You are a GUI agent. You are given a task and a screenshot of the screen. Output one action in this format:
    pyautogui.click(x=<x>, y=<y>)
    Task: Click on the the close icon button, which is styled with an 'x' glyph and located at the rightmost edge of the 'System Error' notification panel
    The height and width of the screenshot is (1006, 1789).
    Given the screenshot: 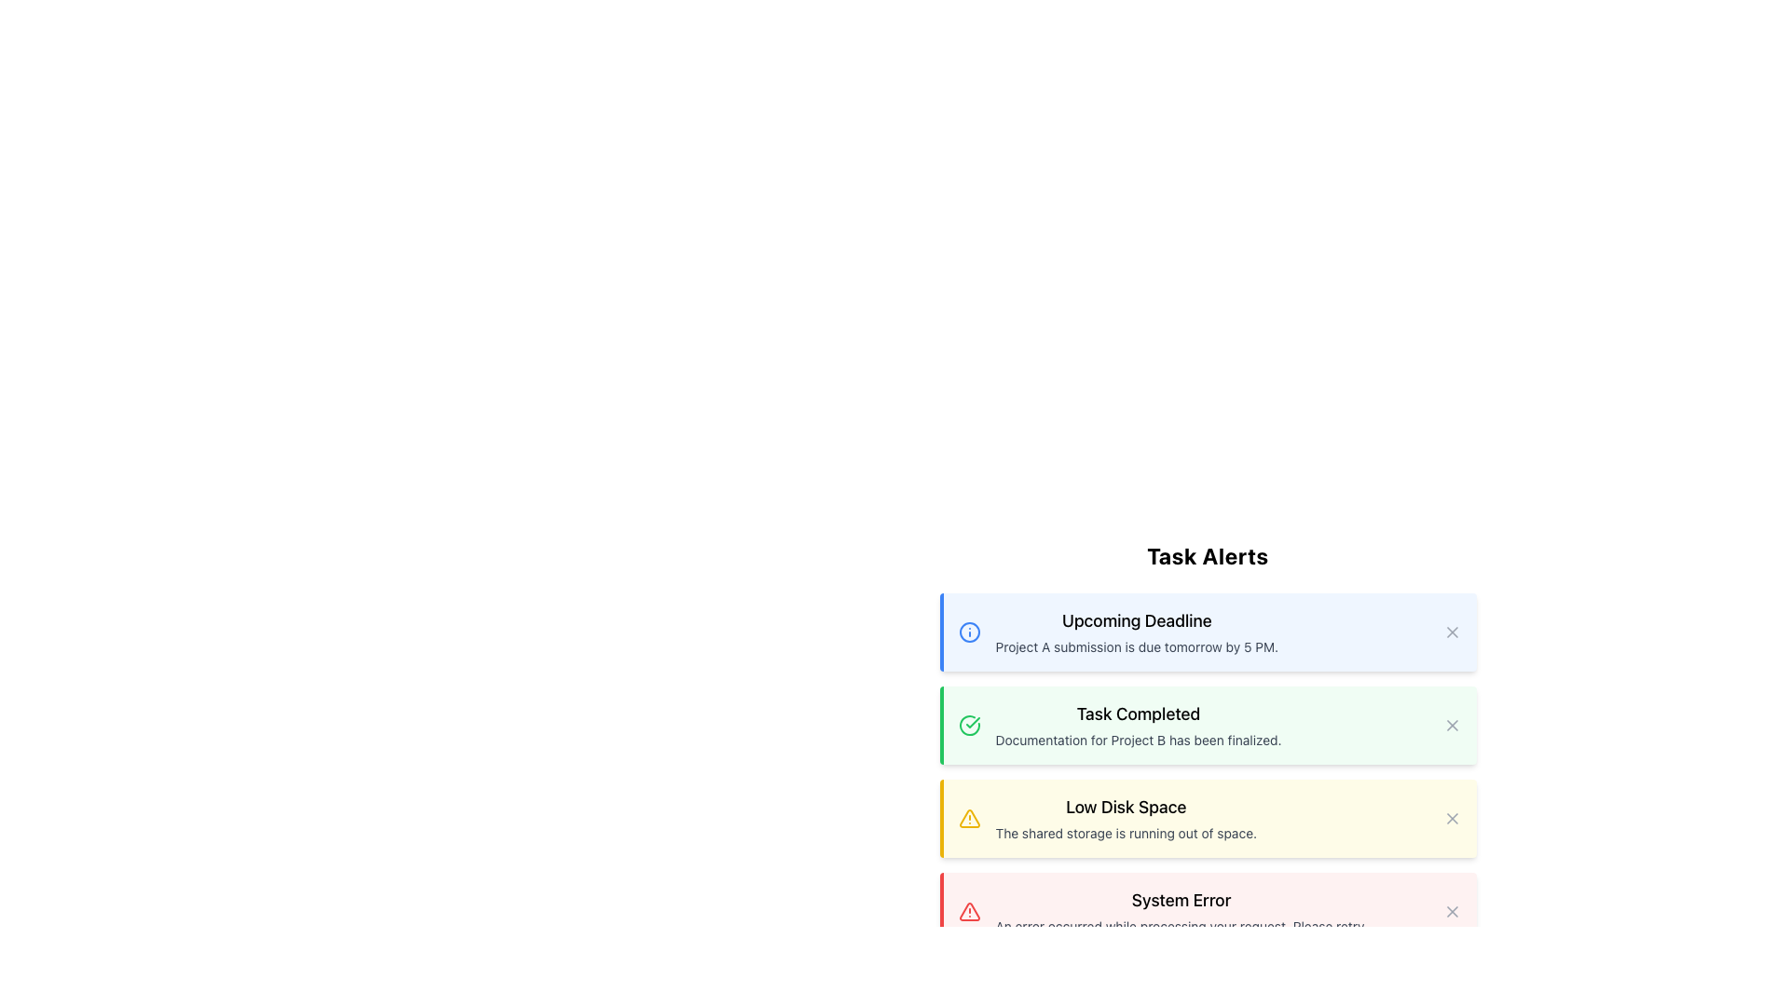 What is the action you would take?
    pyautogui.click(x=1451, y=911)
    